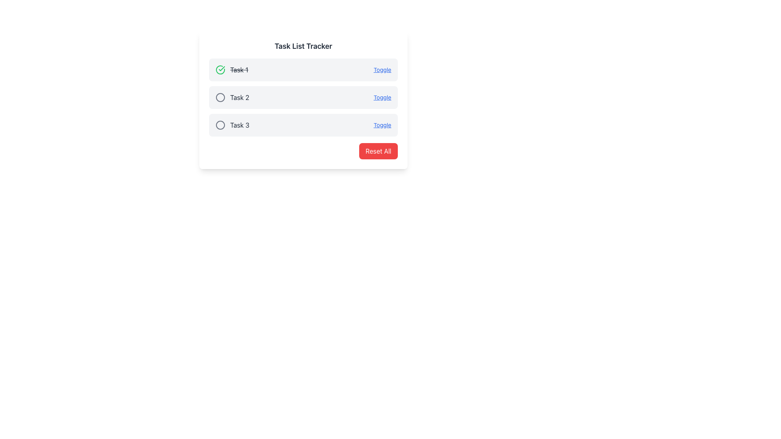  I want to click on the task card representing 'Task 2' in the to-do list, which is the second item in the vertical list of task cards, so click(303, 97).